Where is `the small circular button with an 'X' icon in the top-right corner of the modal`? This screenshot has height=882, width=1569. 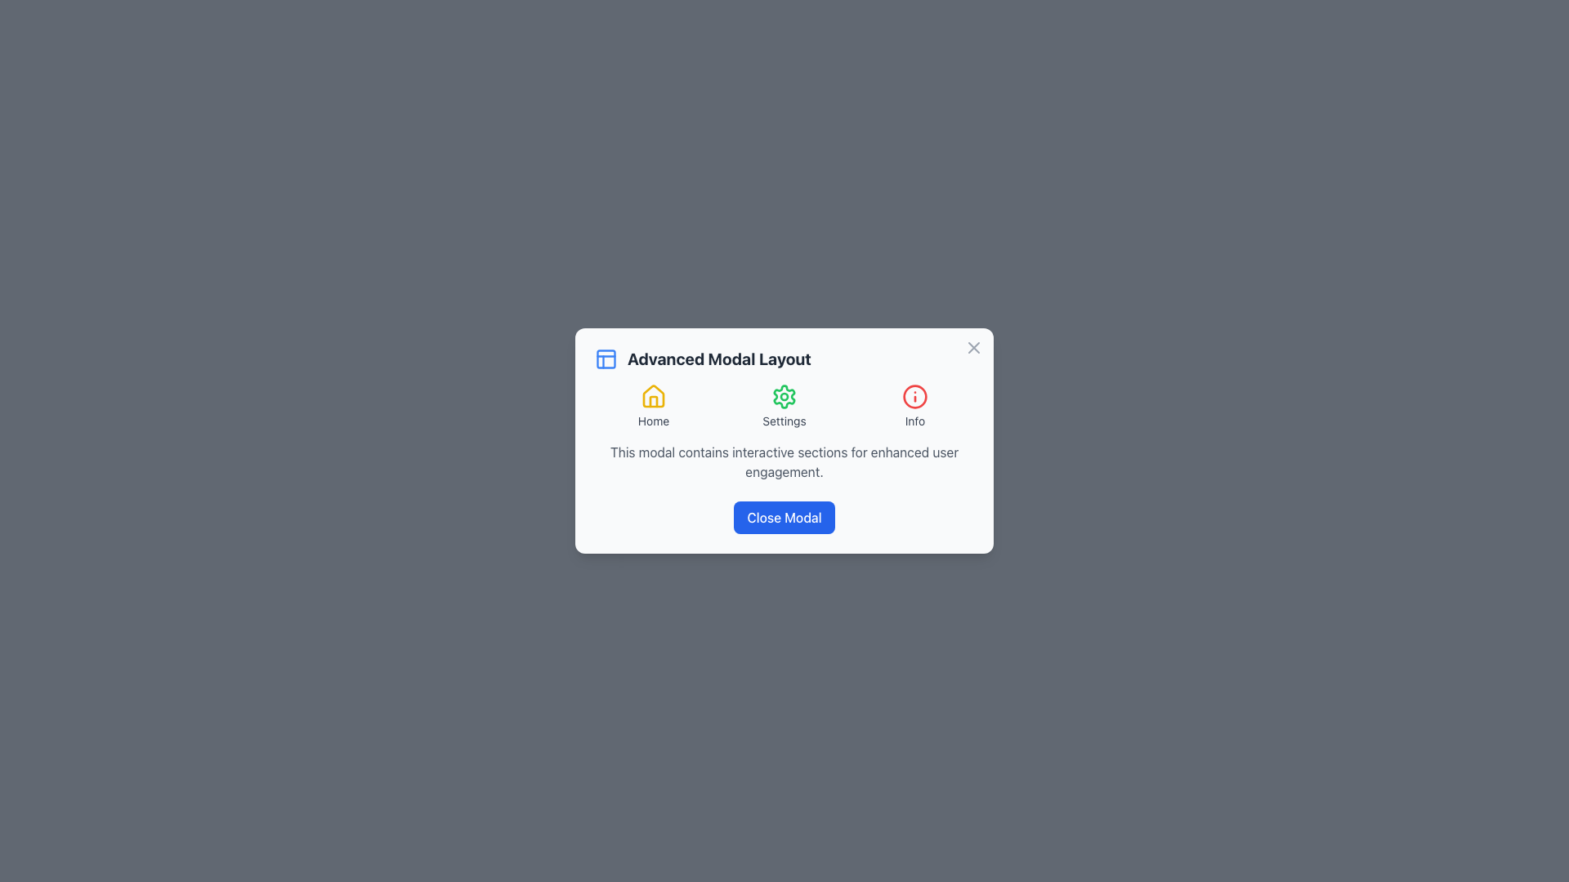
the small circular button with an 'X' icon in the top-right corner of the modal is located at coordinates (973, 346).